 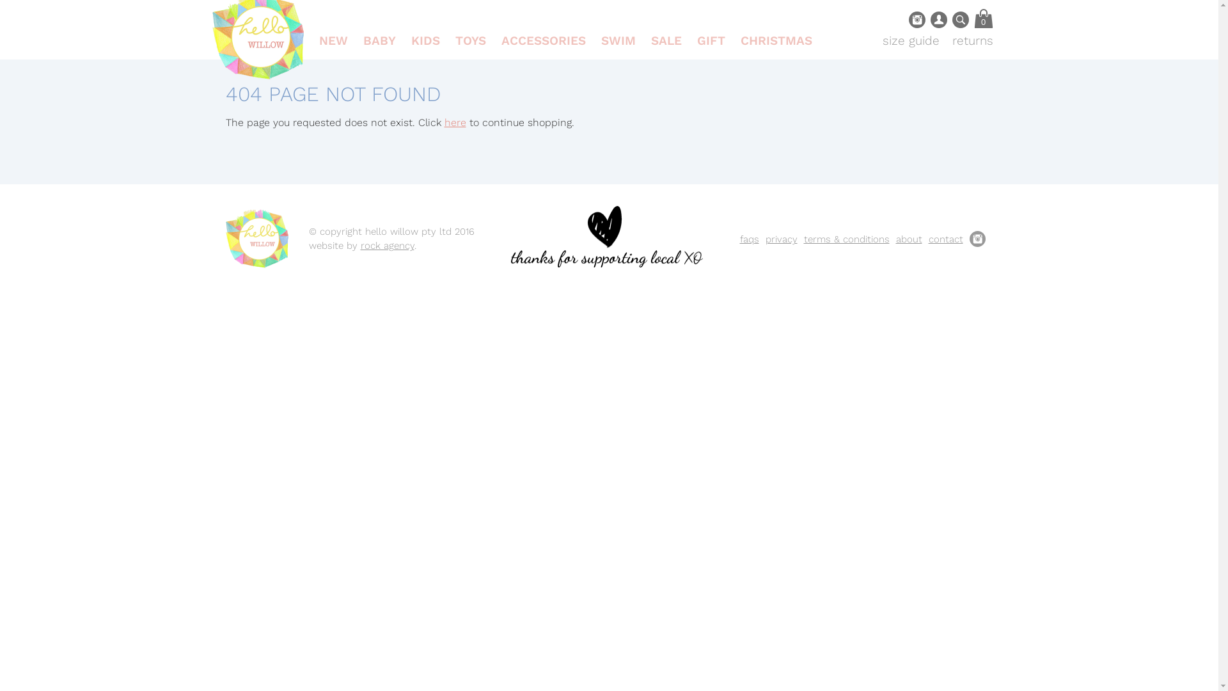 I want to click on 'terms & conditions', so click(x=846, y=239).